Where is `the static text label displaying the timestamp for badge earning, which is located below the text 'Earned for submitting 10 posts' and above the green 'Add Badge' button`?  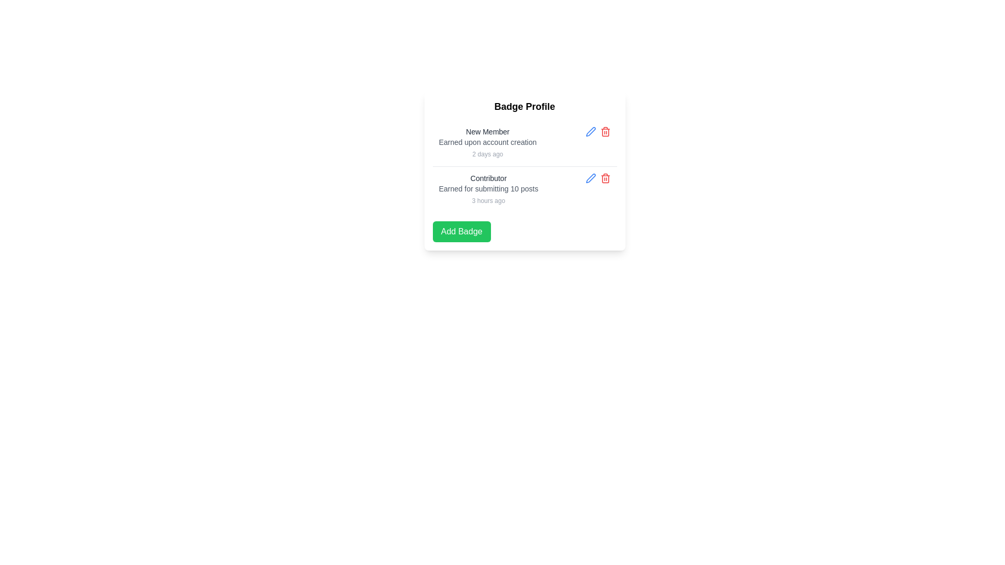 the static text label displaying the timestamp for badge earning, which is located below the text 'Earned for submitting 10 posts' and above the green 'Add Badge' button is located at coordinates (488, 201).